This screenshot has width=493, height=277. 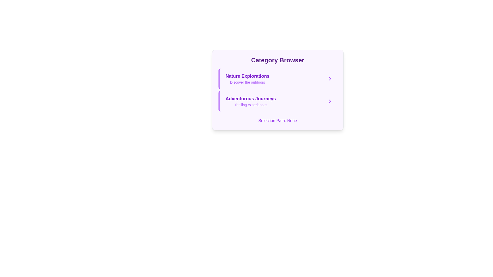 What do you see at coordinates (277, 90) in the screenshot?
I see `the Navigational menu located in the 'Category Browser'` at bounding box center [277, 90].